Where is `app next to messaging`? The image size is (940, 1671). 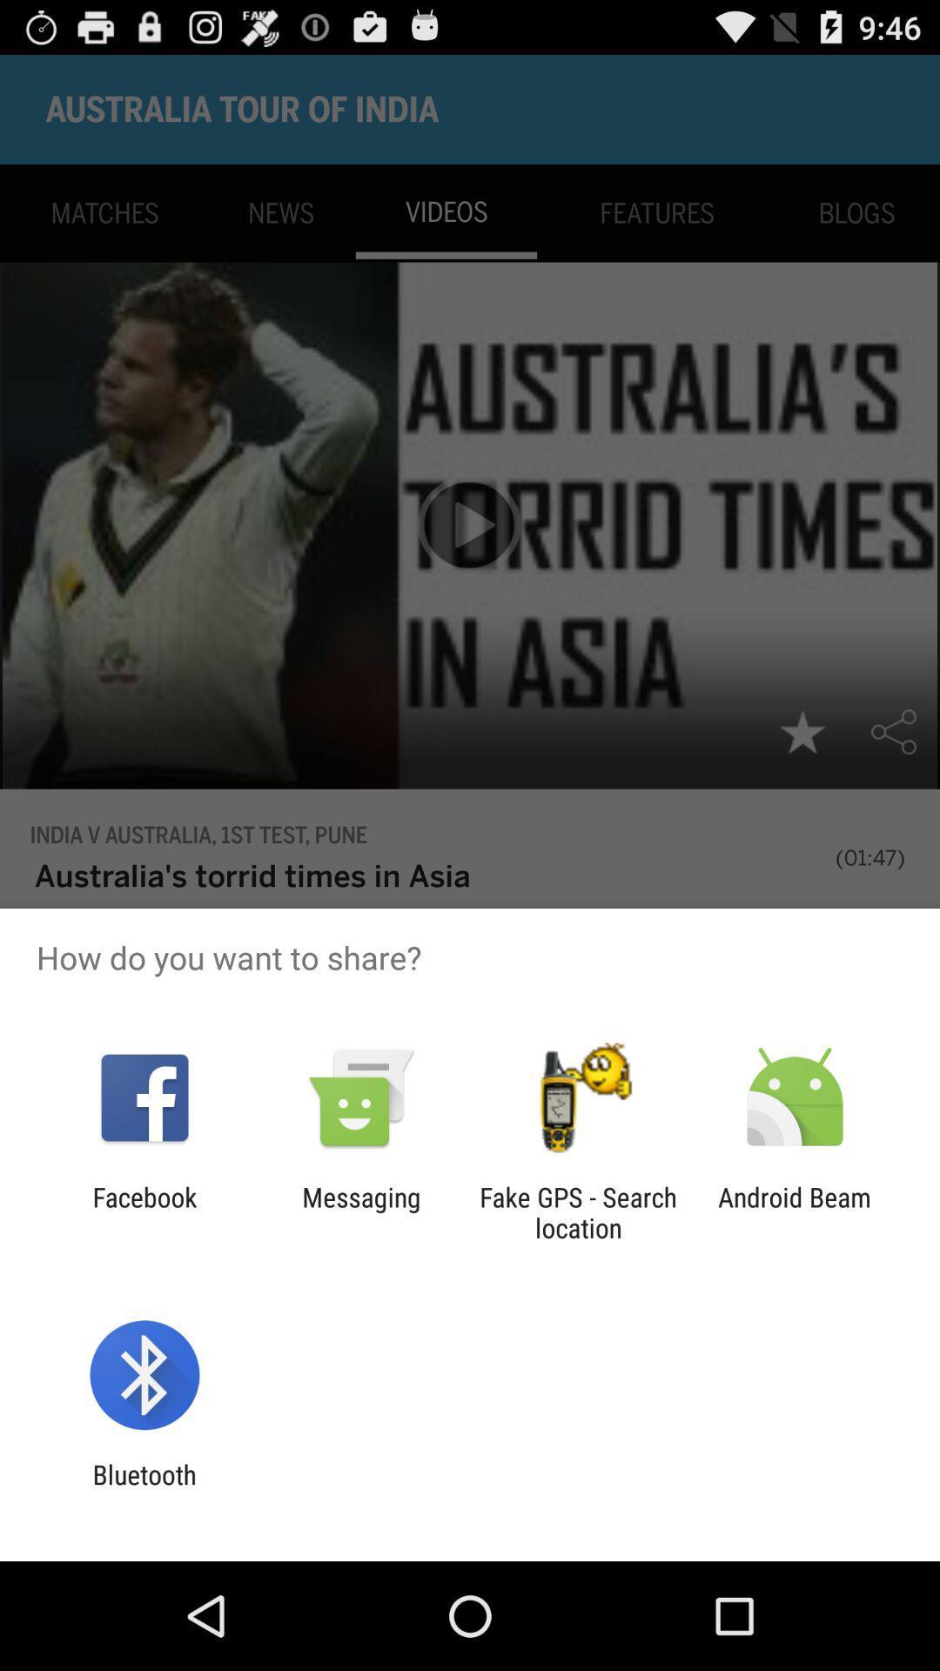 app next to messaging is located at coordinates (578, 1211).